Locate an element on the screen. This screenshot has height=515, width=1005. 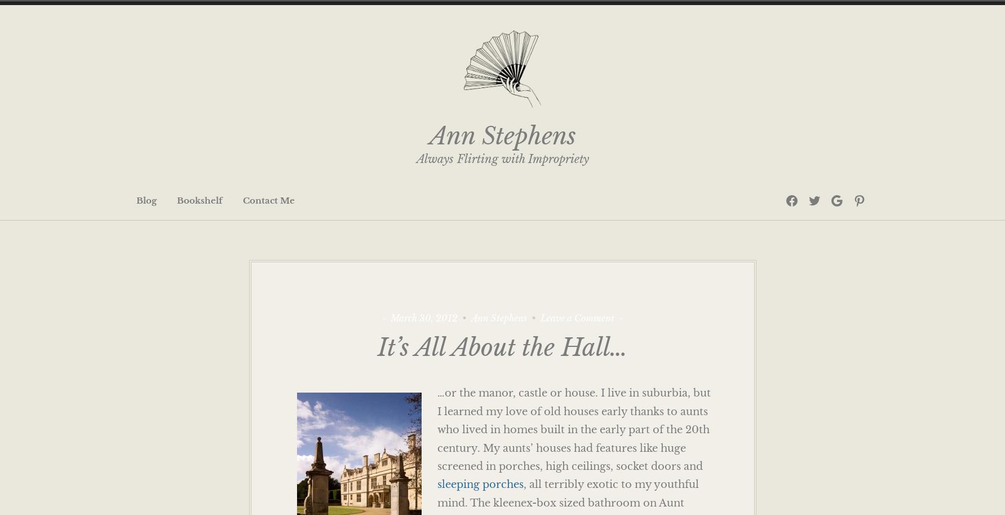
'Blog' is located at coordinates (146, 200).